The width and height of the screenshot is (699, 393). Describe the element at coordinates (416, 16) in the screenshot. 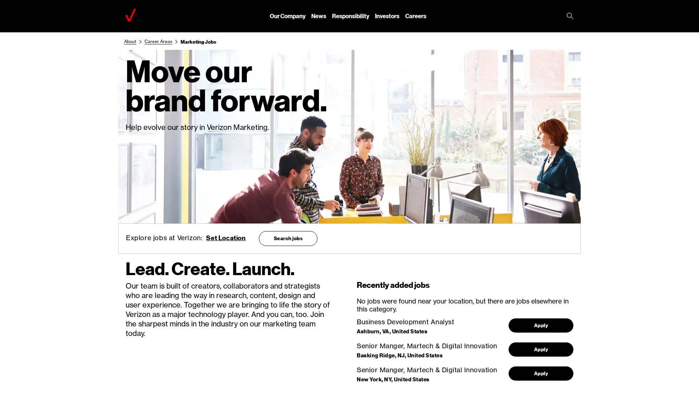

I see `Careers Menu List` at that location.